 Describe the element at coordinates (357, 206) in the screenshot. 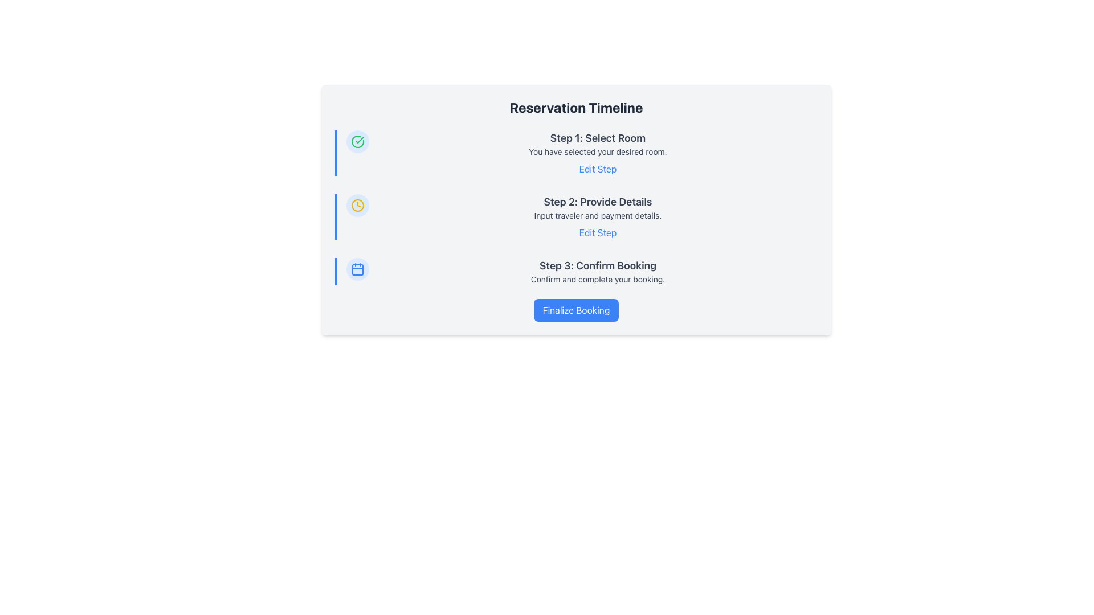

I see `the clock icon representing the 'Step 2' process, which is the second in a vertical sequence of three icons on the left panel` at that location.